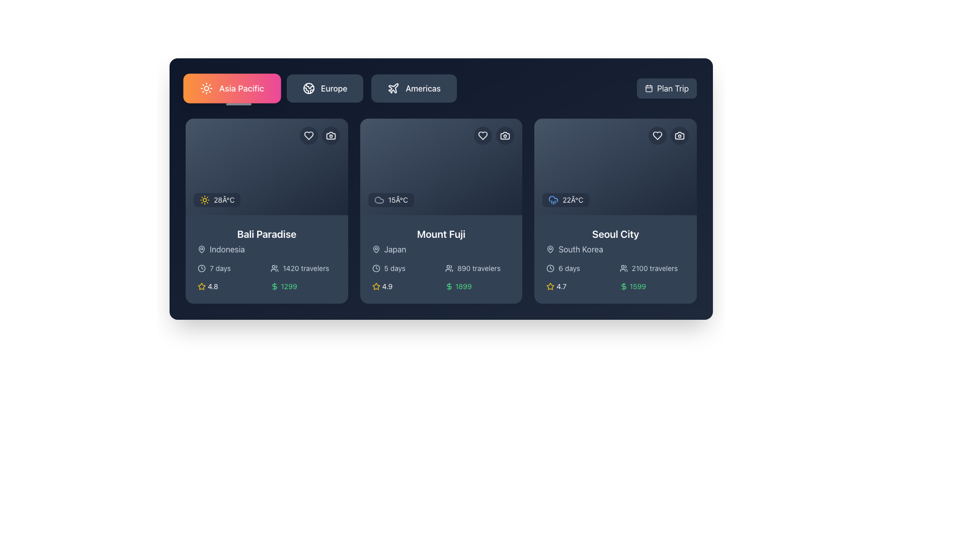 The height and width of the screenshot is (543, 966). Describe the element at coordinates (569, 267) in the screenshot. I see `the text element displaying '6 days' located in the bottom-left region of the card labeled 'Seoul City', styled in light gray on a dark background` at that location.